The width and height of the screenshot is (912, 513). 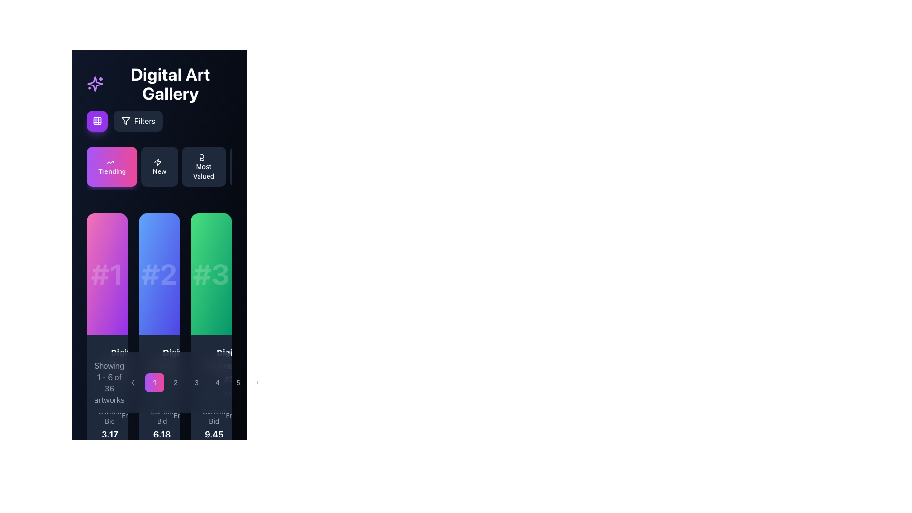 What do you see at coordinates (159, 127) in the screenshot?
I see `the filter button located centrally in the top section of the main content area, positioned to the right of a purple square icon with a grid design` at bounding box center [159, 127].